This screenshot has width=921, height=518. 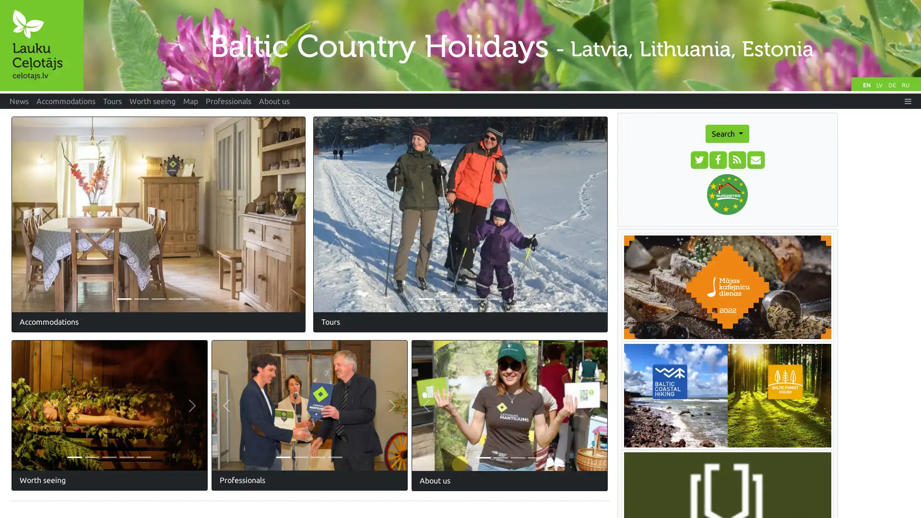 What do you see at coordinates (192, 405) in the screenshot?
I see `Next` at bounding box center [192, 405].